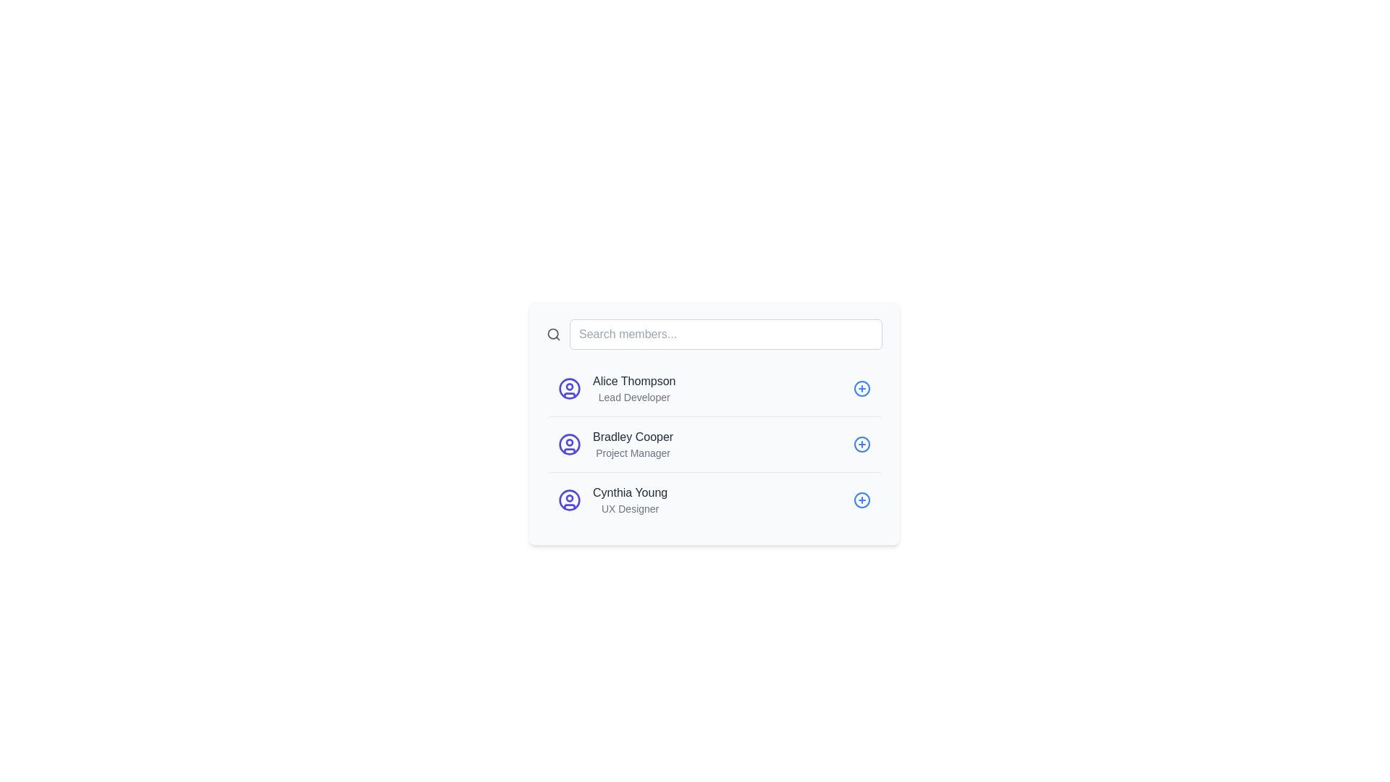  Describe the element at coordinates (634, 387) in the screenshot. I see `the first entry` at that location.